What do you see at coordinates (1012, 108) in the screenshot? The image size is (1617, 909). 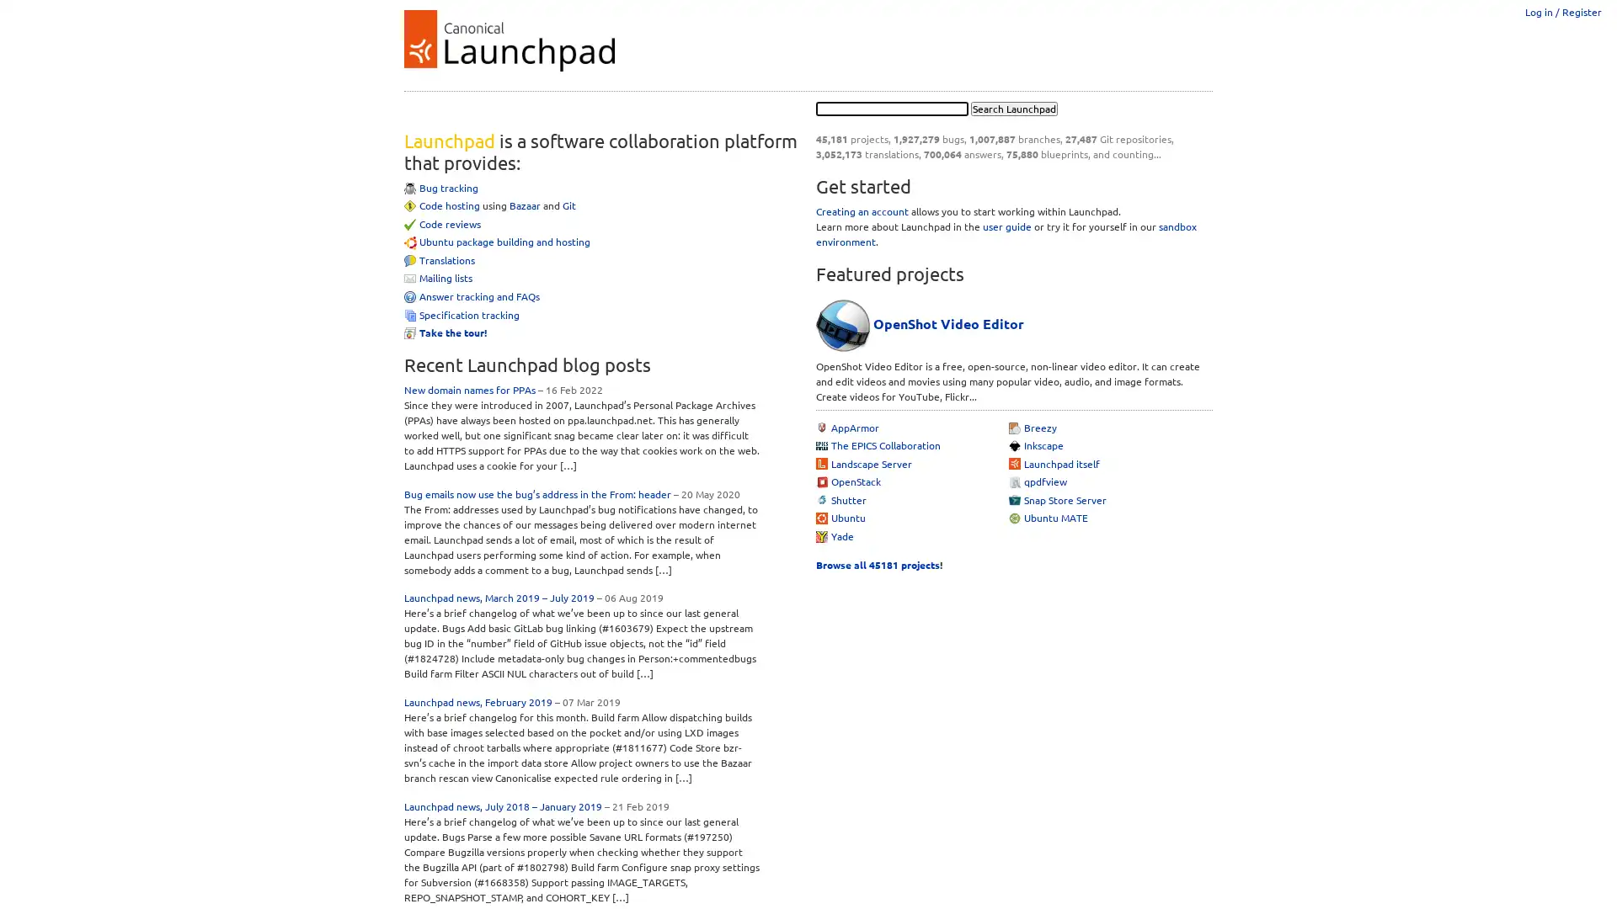 I see `Search Launchpad` at bounding box center [1012, 108].